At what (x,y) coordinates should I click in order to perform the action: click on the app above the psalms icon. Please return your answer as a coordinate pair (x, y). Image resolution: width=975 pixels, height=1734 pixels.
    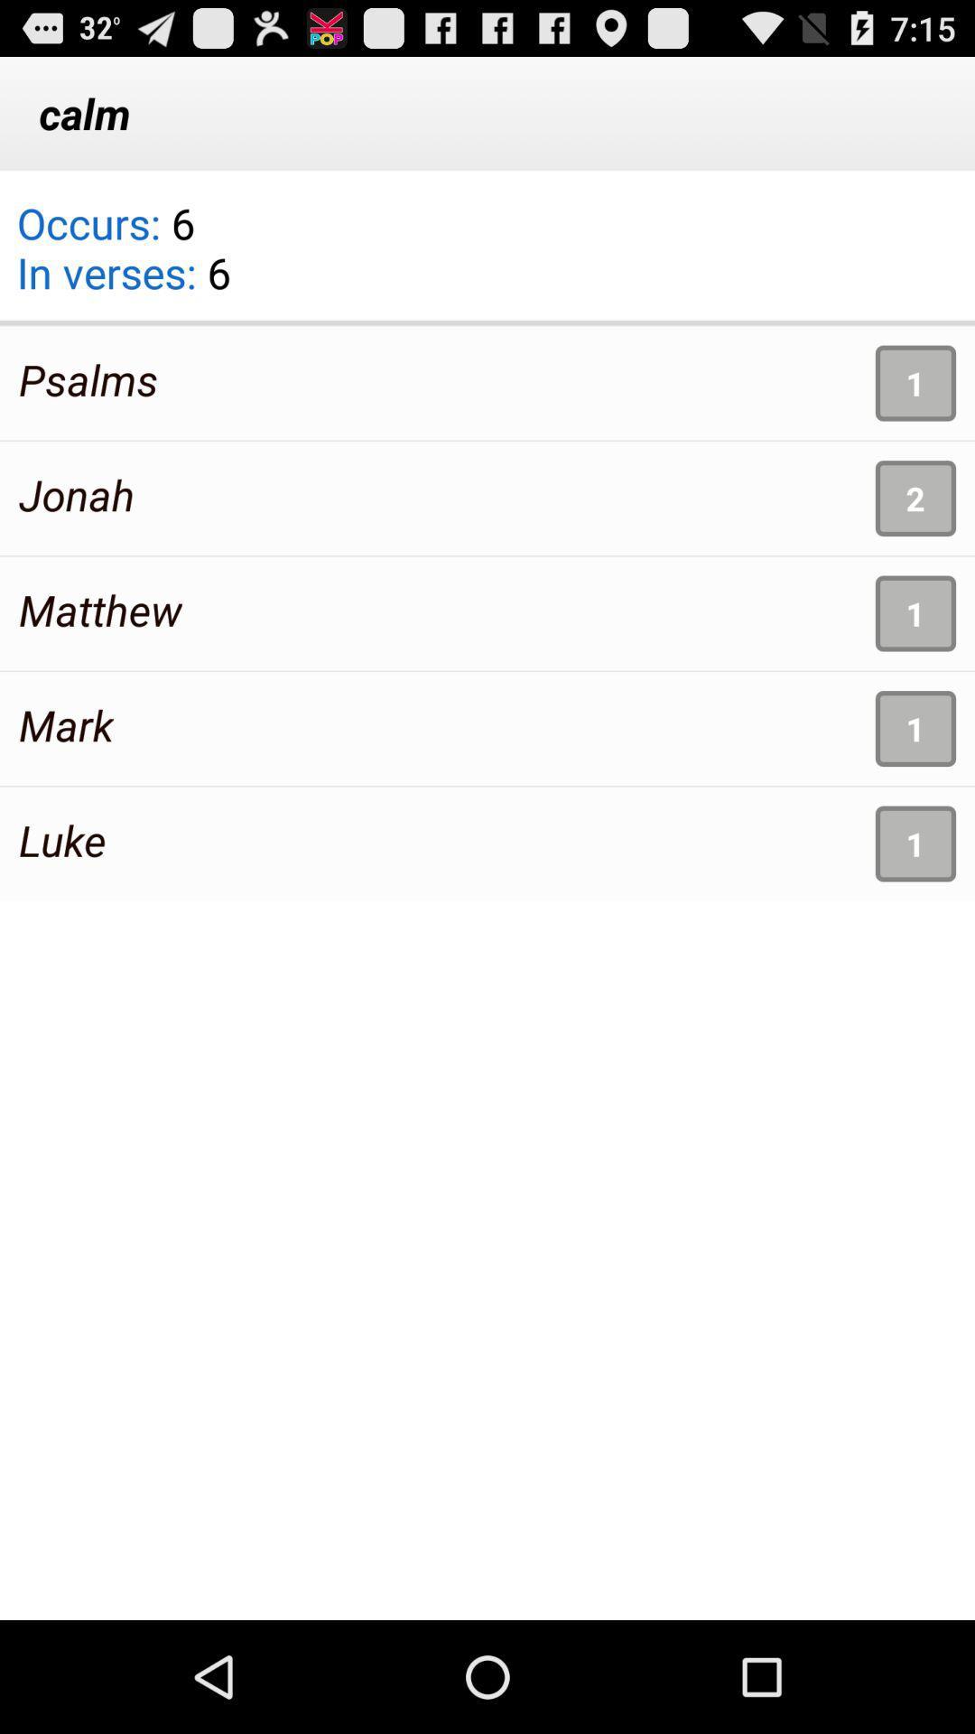
    Looking at the image, I should click on (123, 258).